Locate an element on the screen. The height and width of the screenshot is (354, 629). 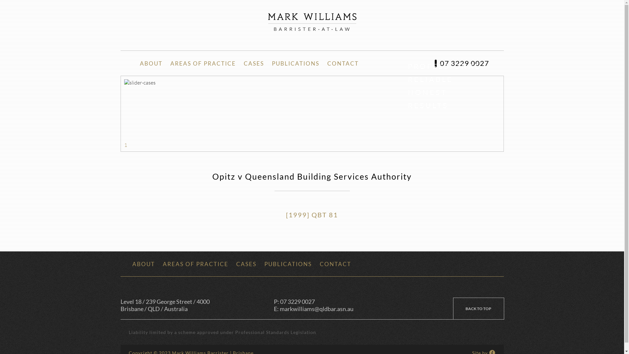
'Mark Williams Barrister' is located at coordinates (268, 21).